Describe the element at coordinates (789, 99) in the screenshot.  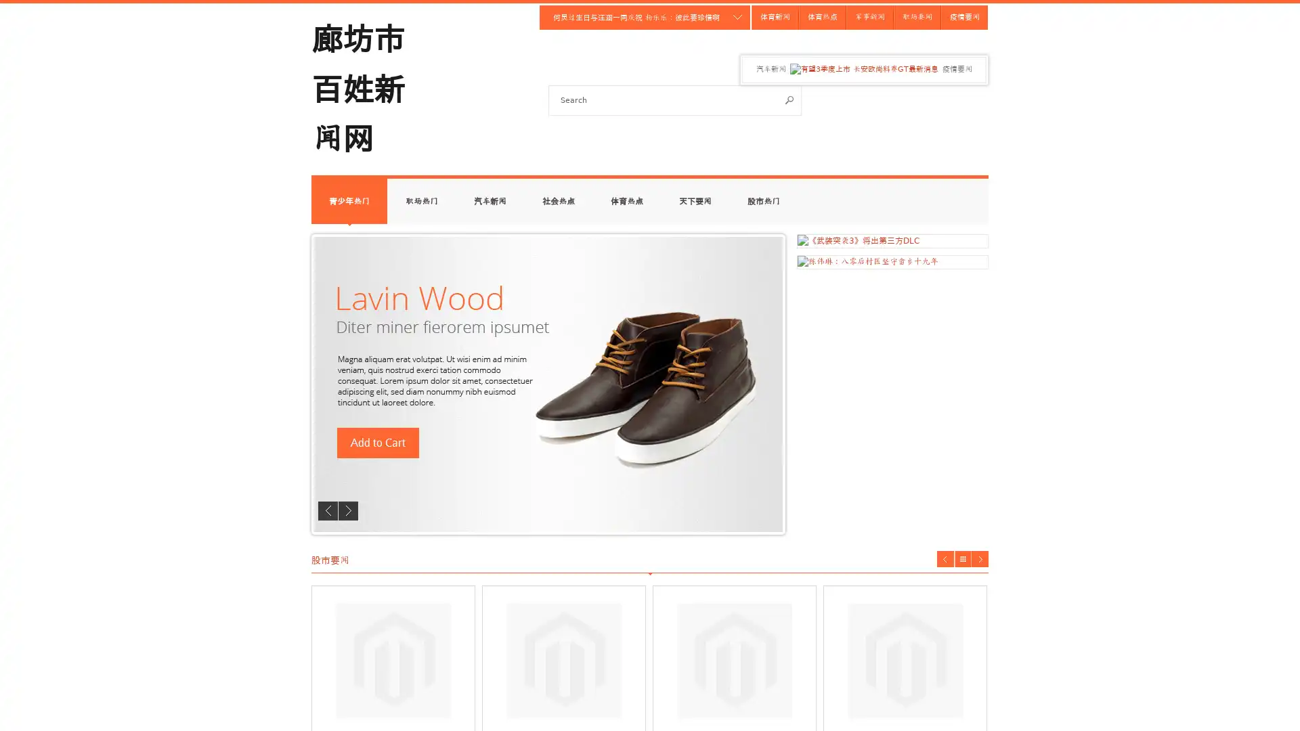
I see `Search` at that location.